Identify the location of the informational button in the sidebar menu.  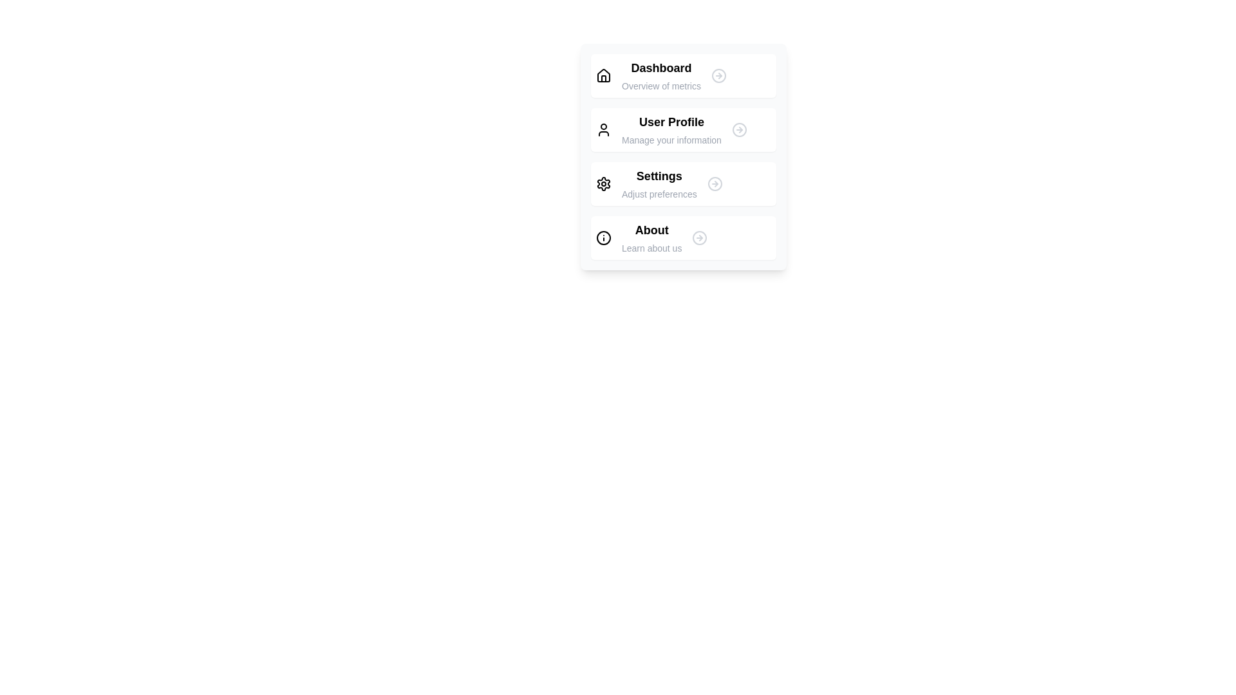
(682, 238).